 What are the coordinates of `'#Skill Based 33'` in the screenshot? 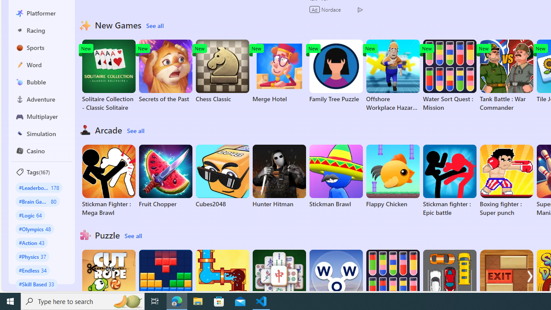 It's located at (36, 284).